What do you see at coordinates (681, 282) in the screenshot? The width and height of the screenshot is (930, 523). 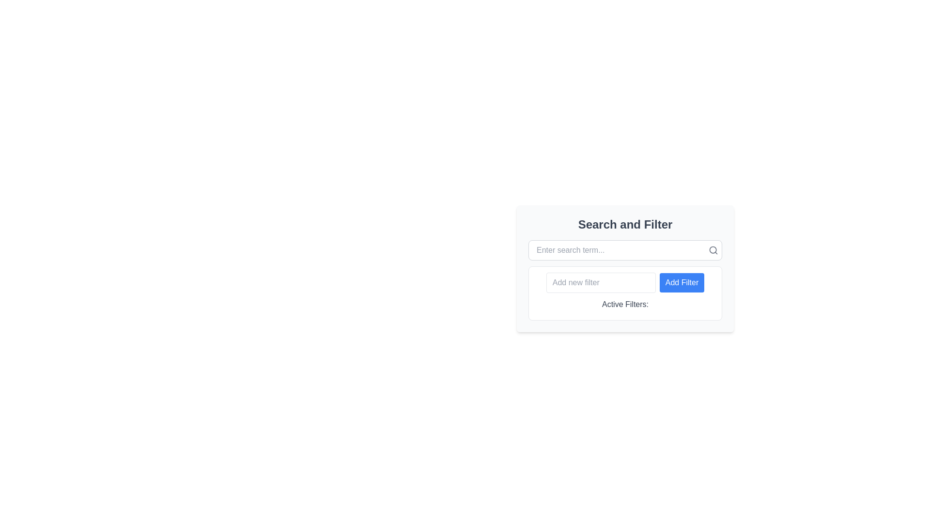 I see `the 'Add Filter' button, which is a rectangular button with a blue background and white text, located directly to the right of the 'Add new filter' input field in the 'Active Filters' section` at bounding box center [681, 282].